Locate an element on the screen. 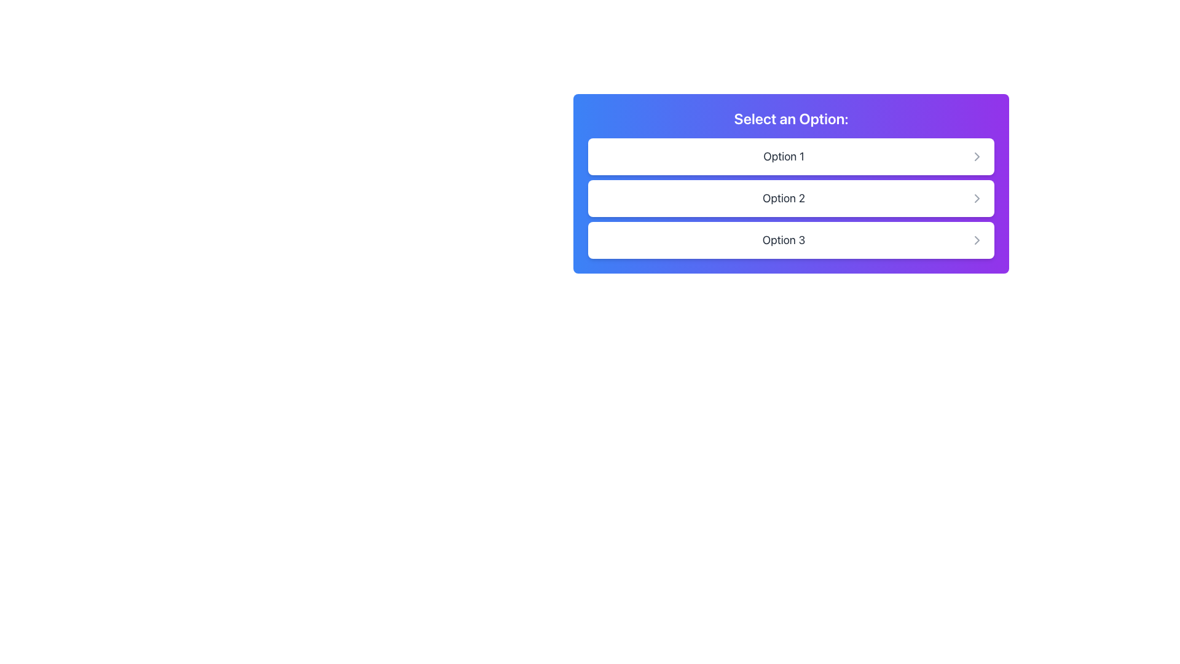 This screenshot has height=664, width=1180. the chevron-right icon (➤) located next to the text 'Option 3', which is the last icon in a vertical group of similar elements is located at coordinates (976, 240).